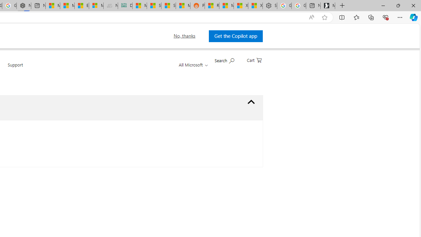 The image size is (421, 237). I want to click on 'What product are you reporting on? no option selected', so click(251, 102).